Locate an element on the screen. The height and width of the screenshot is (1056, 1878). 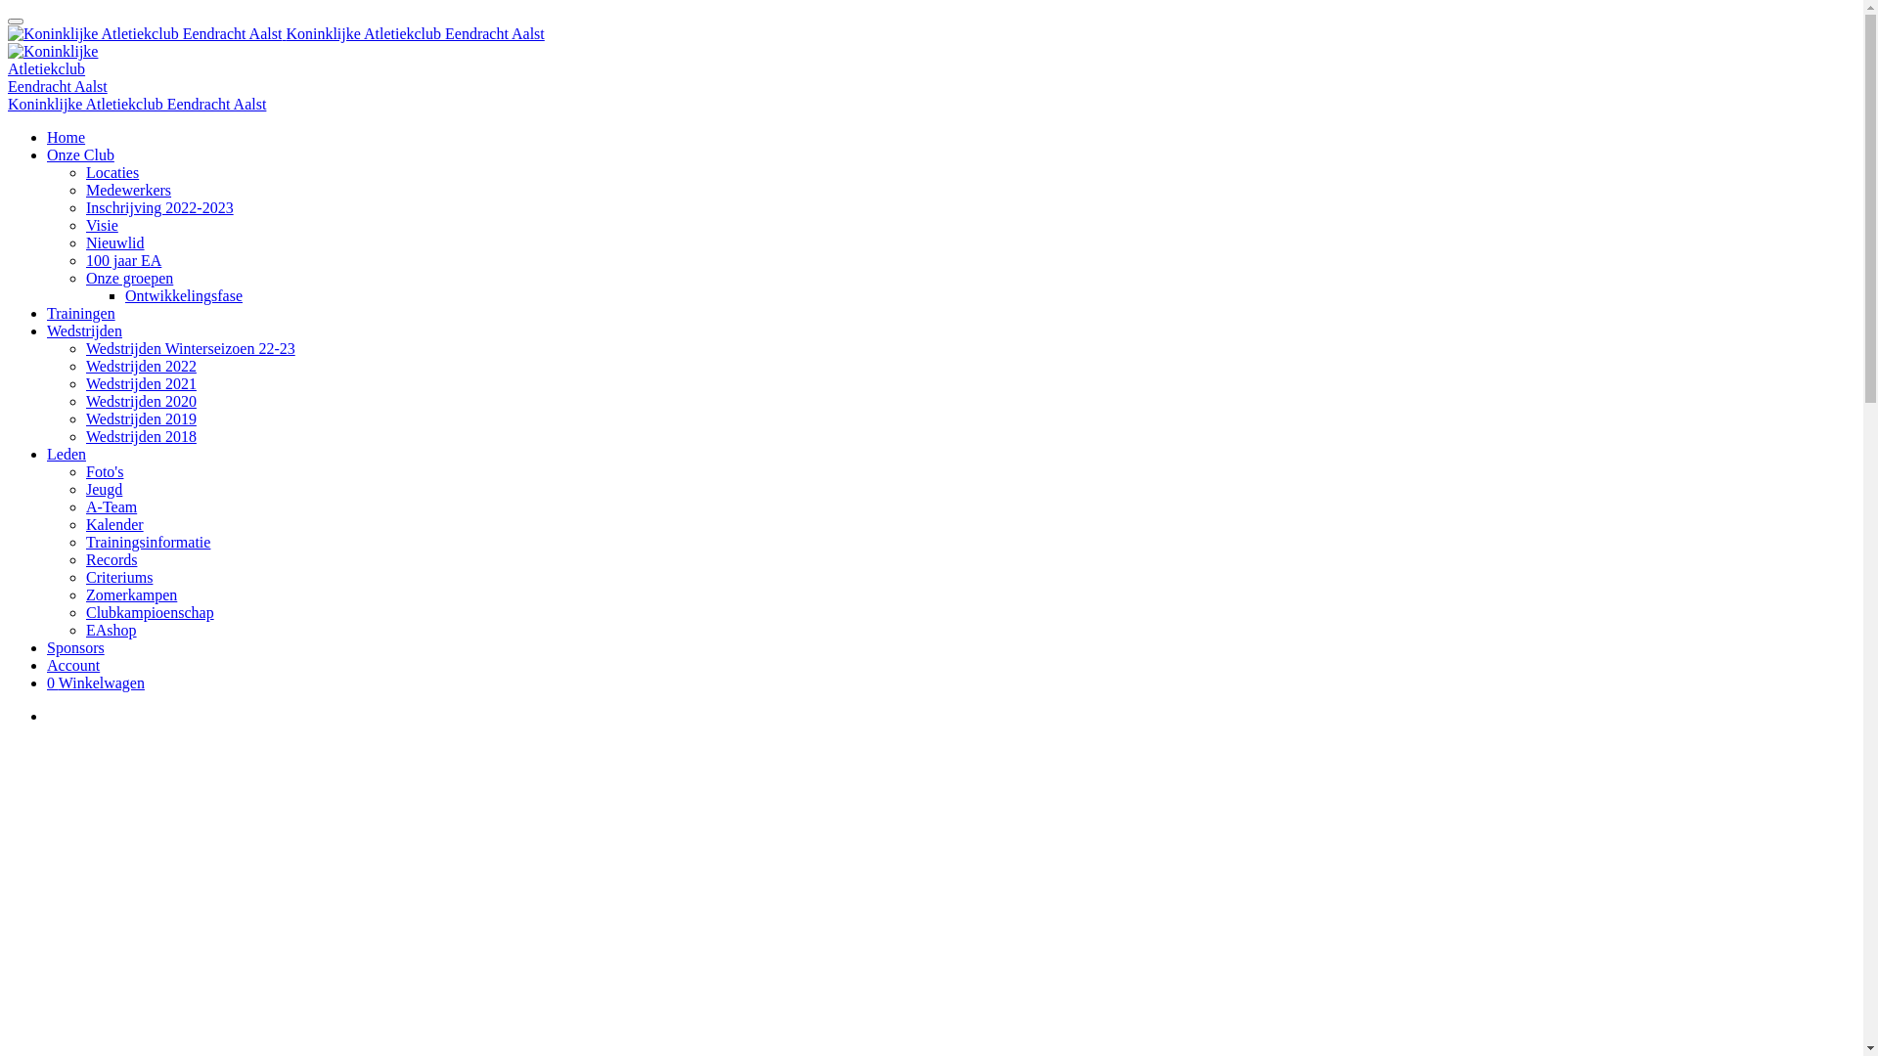
'Nieuwlid' is located at coordinates (114, 242).